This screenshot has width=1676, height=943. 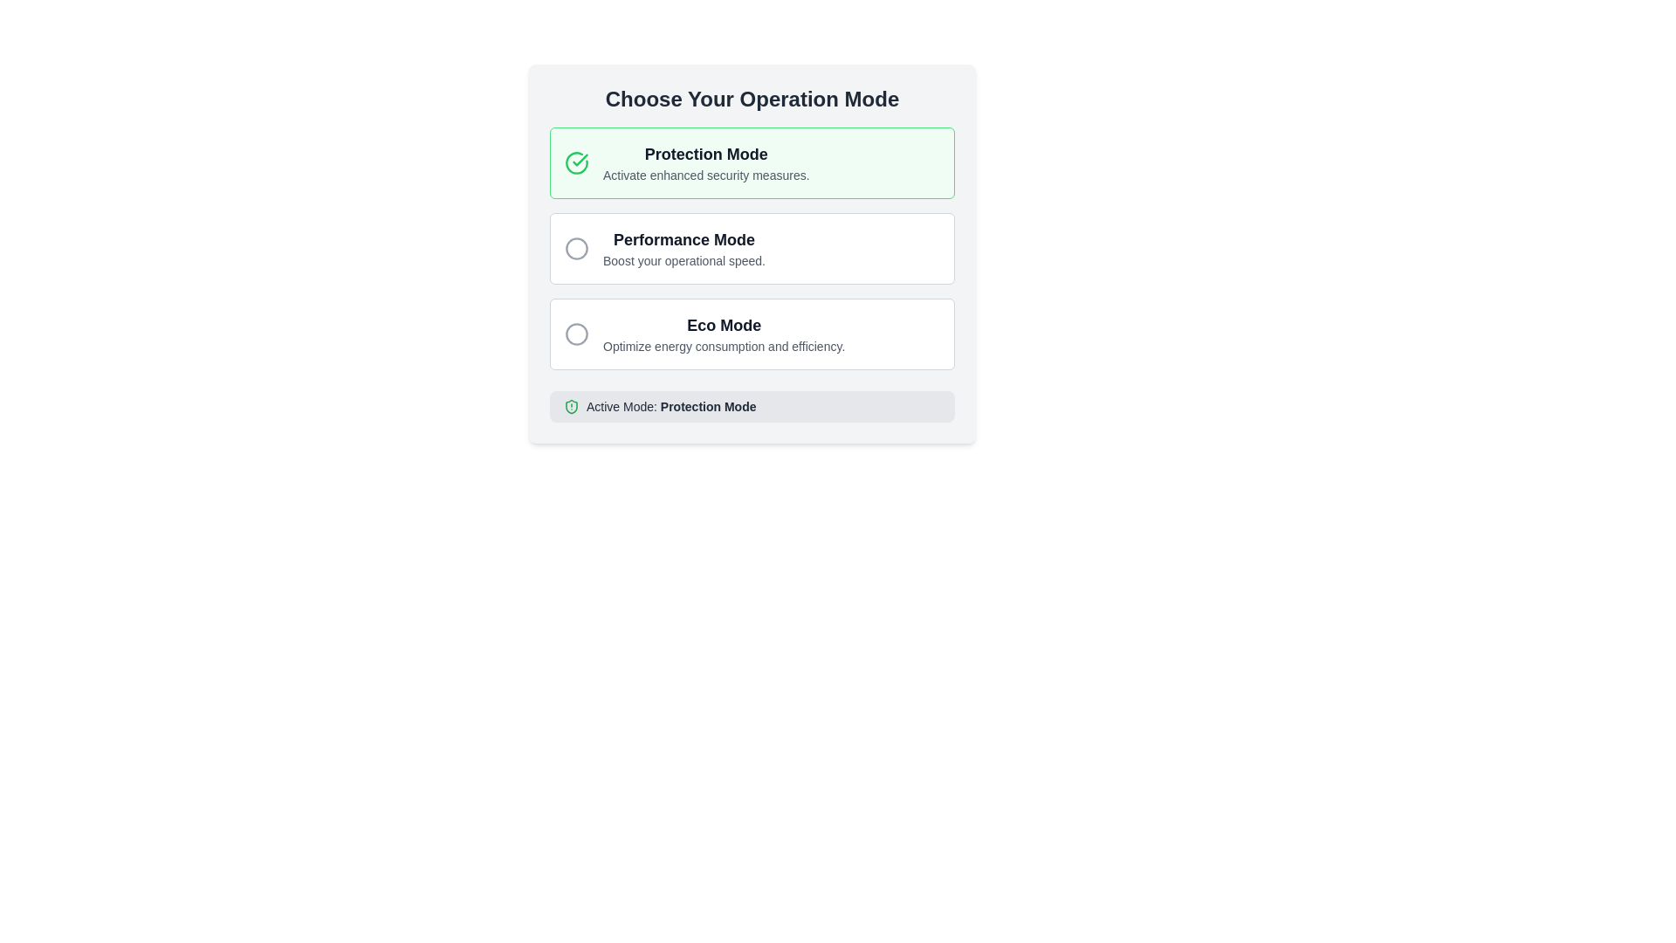 I want to click on information displayed in the text label that says 'Boost your operational speed.' located below the 'Performance Mode' heading, so click(x=683, y=261).